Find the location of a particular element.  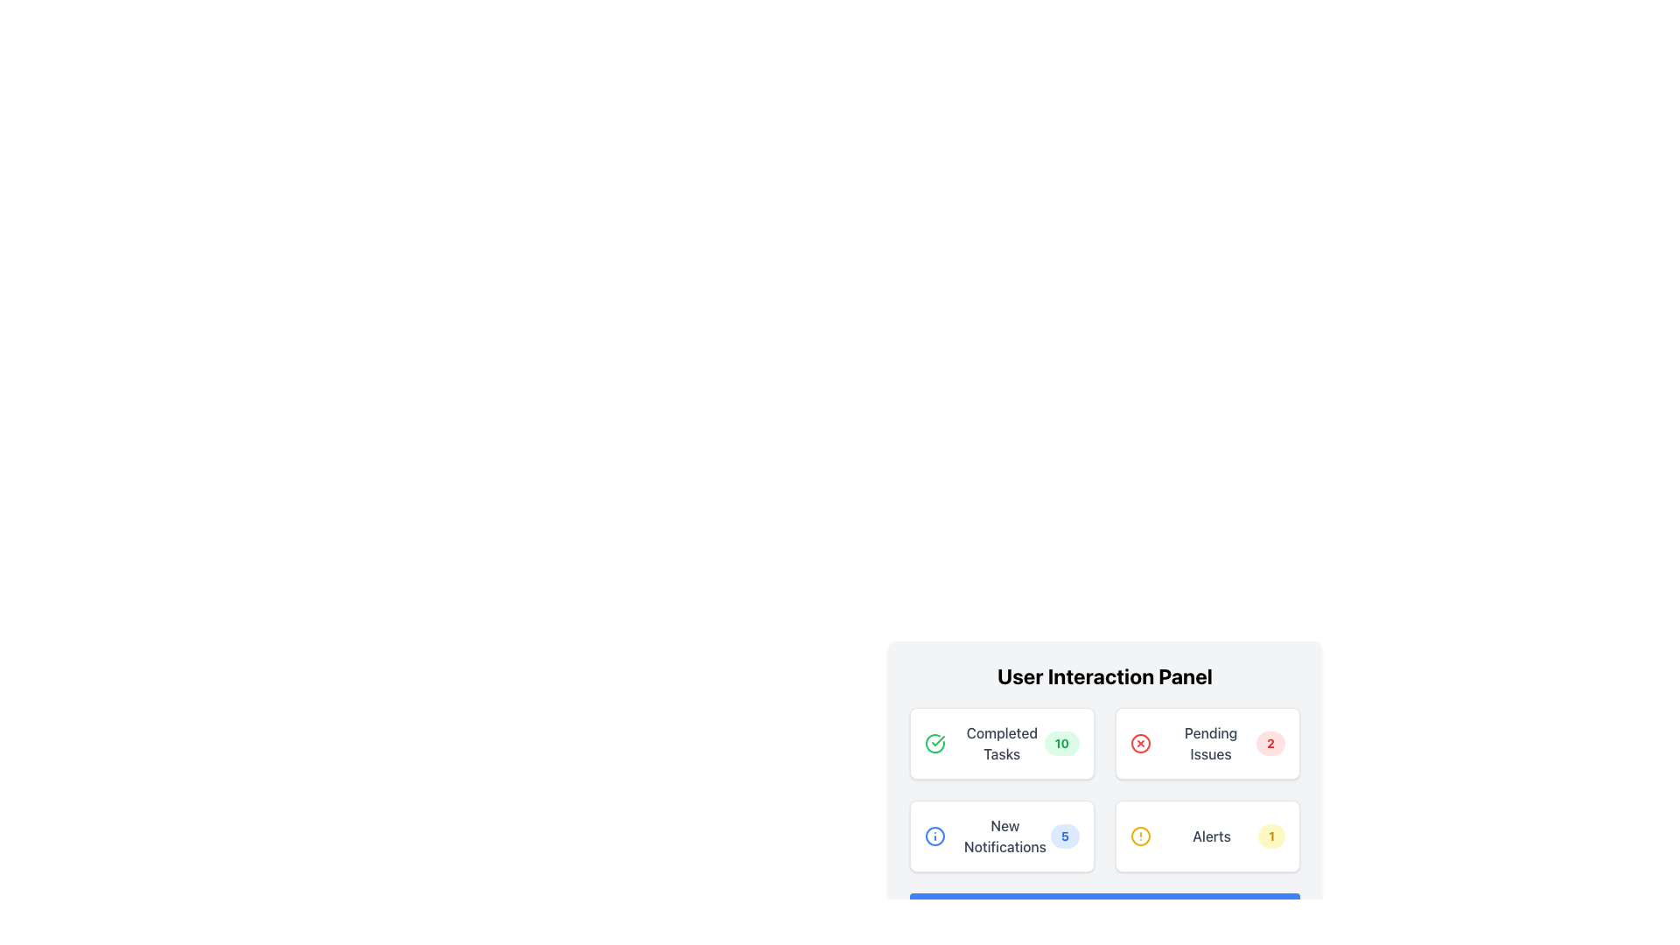

the notification title label located inside the white rounded-rectangle card in the bottom-left quadrant of the User Interaction Panel is located at coordinates (1004, 836).